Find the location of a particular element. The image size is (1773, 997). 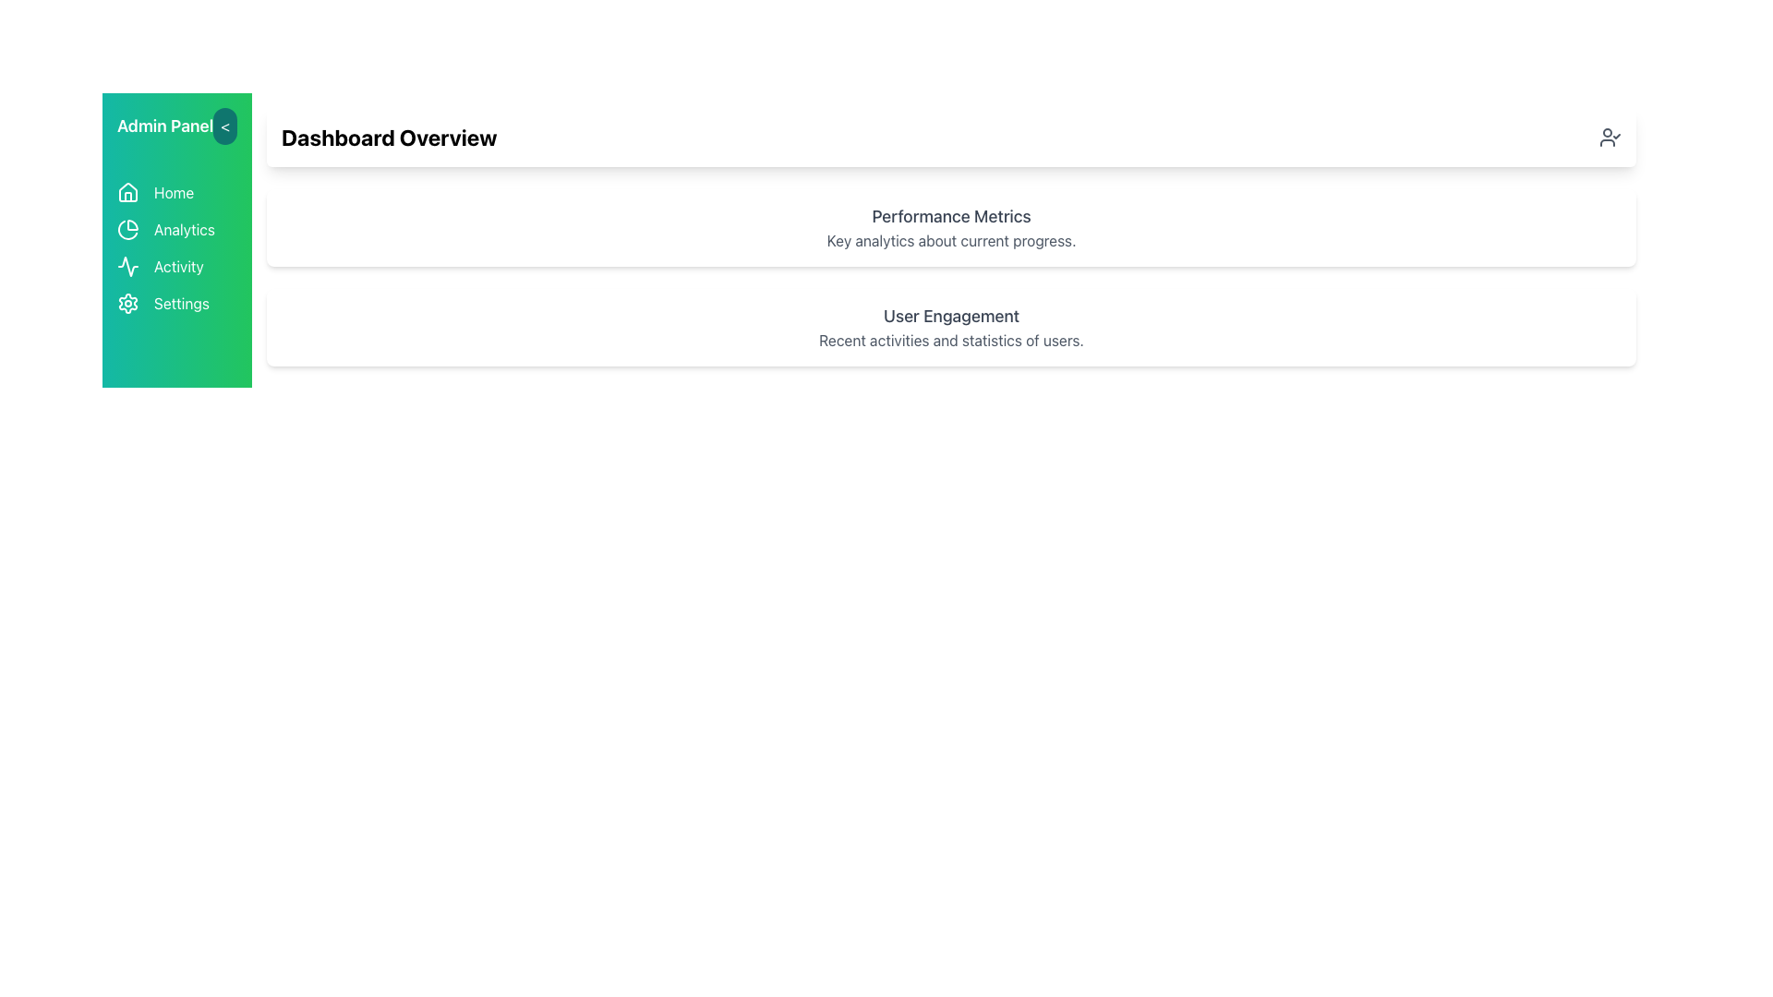

the third text label in the vertical navigation bar, positioned between 'Analytics' and 'Settings', which serves as a navigational link for viewing or managing activities is located at coordinates (178, 267).